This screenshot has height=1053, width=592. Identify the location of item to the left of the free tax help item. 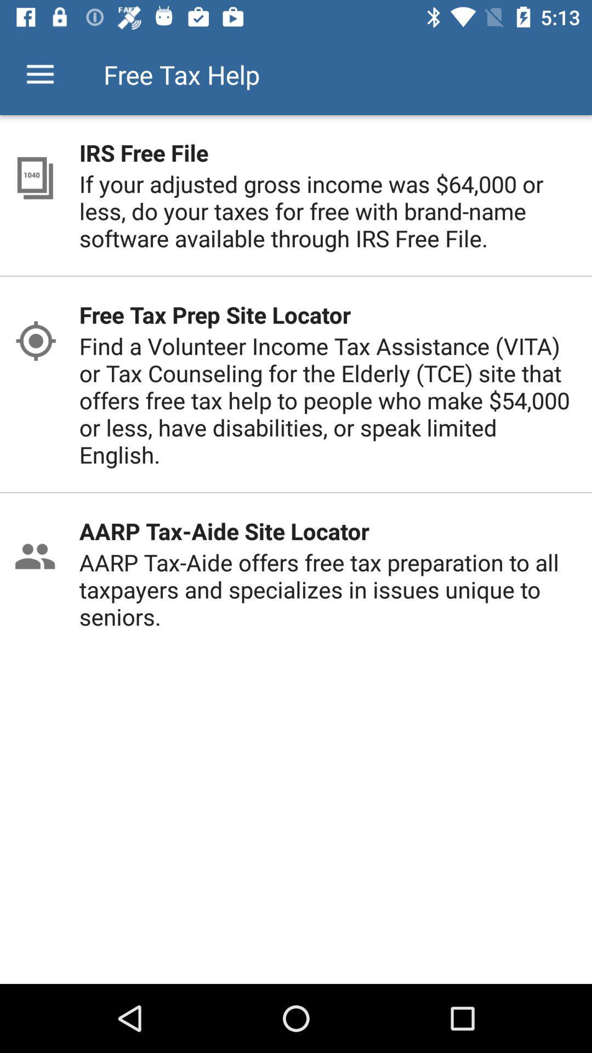
(39, 74).